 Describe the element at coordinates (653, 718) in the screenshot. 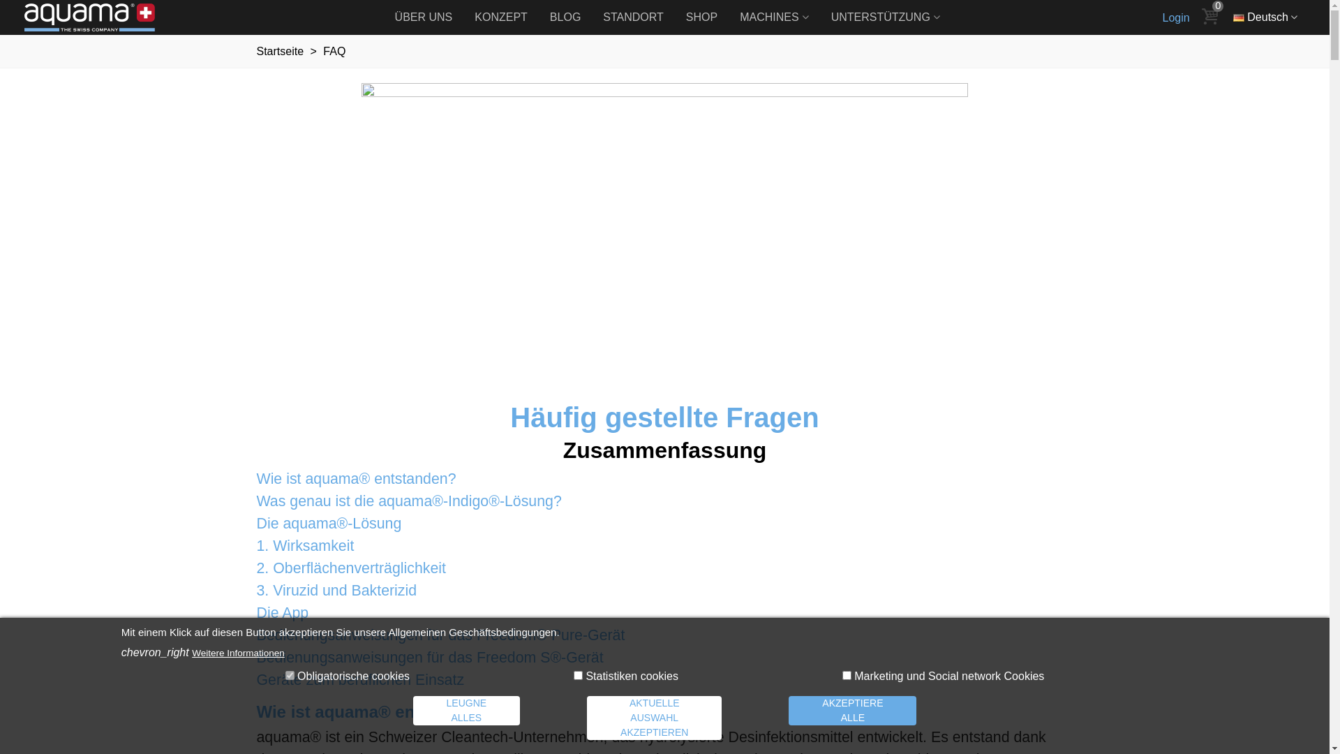

I see `'AKTUELLE AUSWAHL AKZEPTIEREN'` at that location.